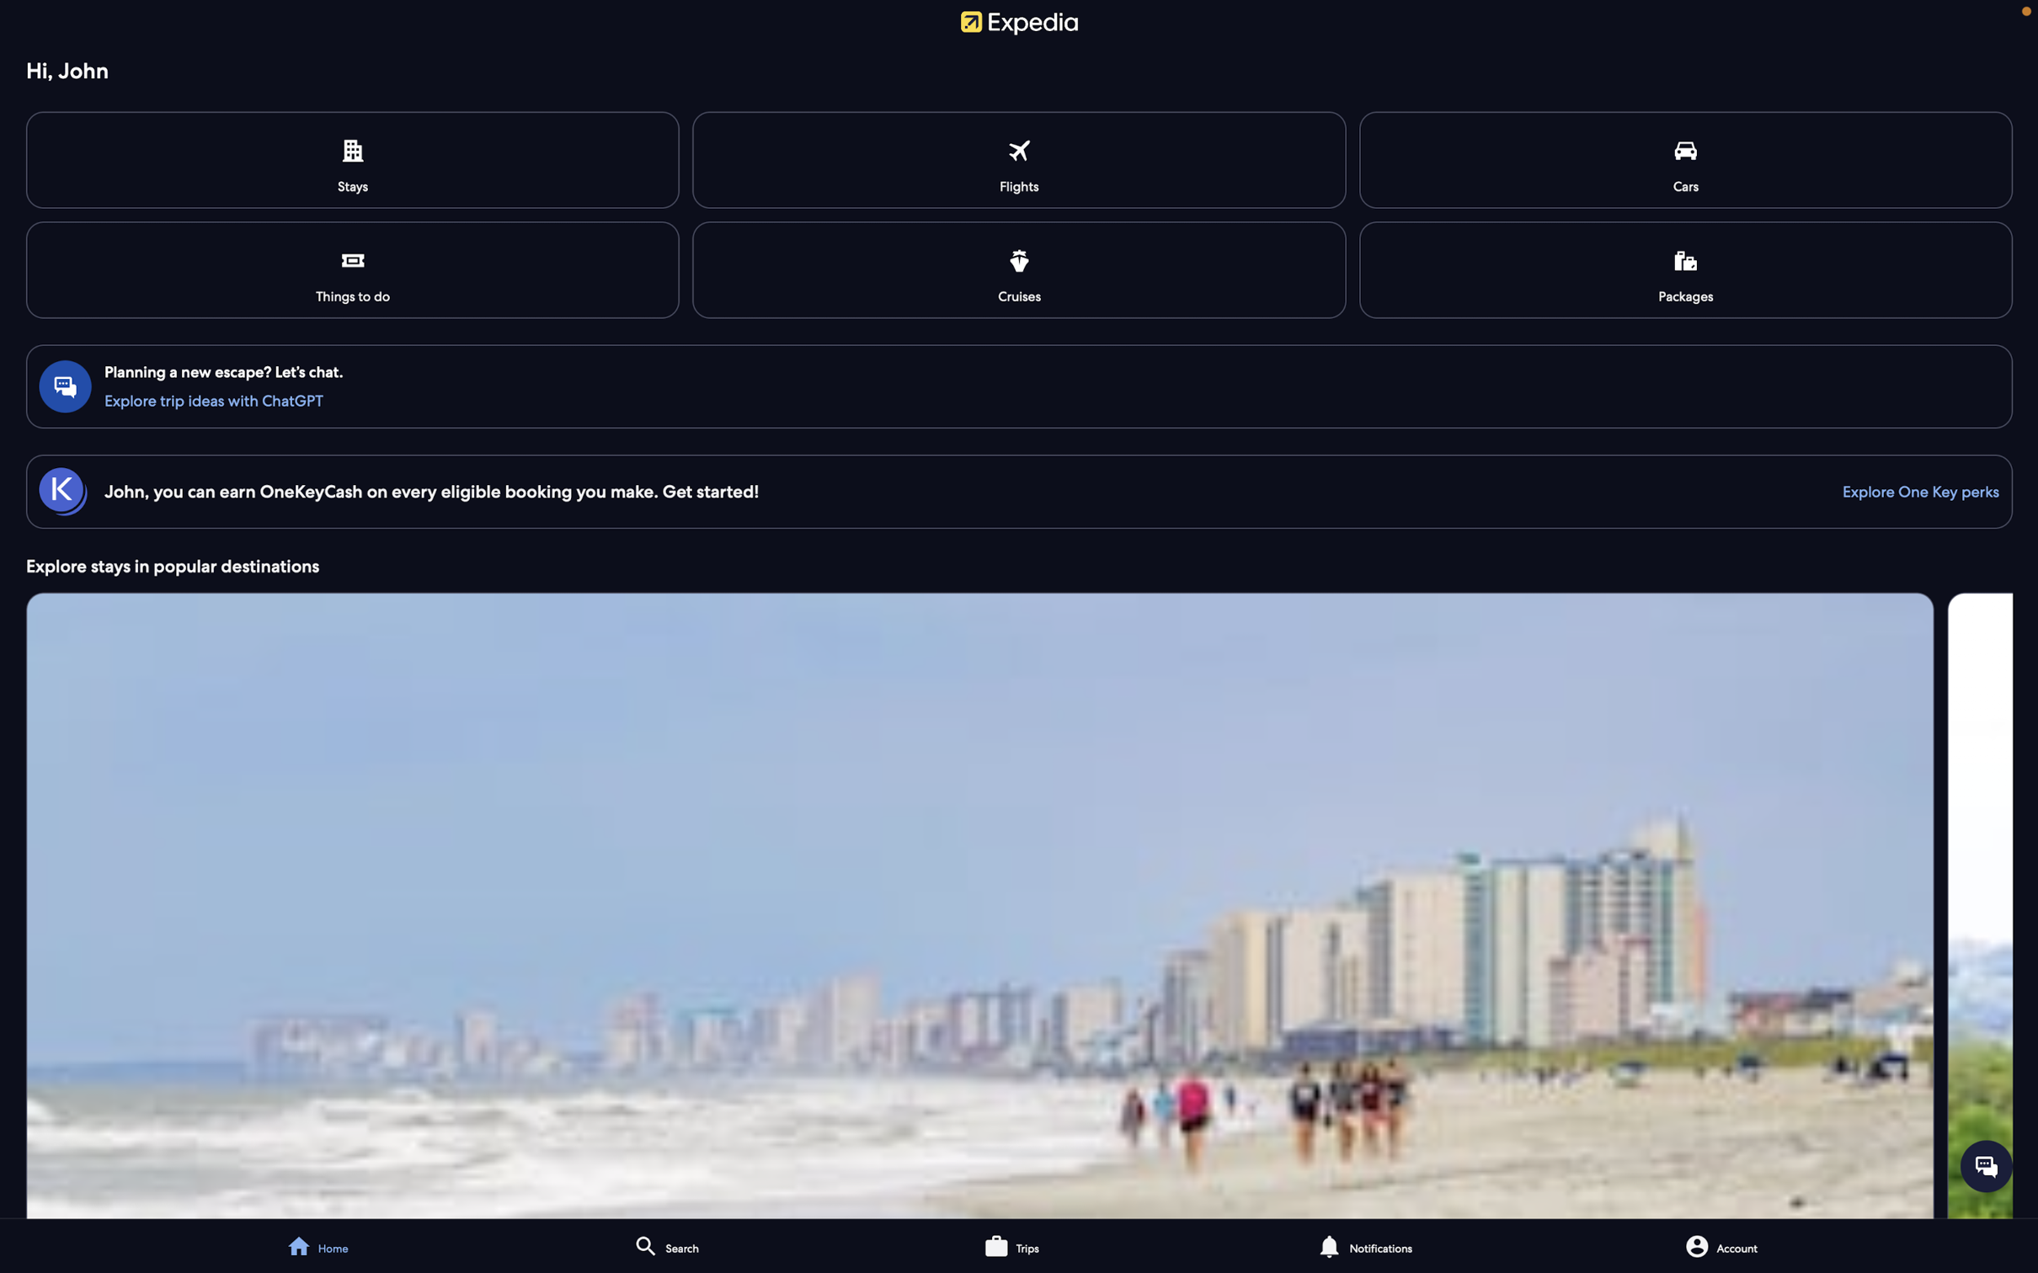 The width and height of the screenshot is (2038, 1273). What do you see at coordinates (1019, 268) in the screenshot?
I see `Explore and confirm bookings for available cruise journeys` at bounding box center [1019, 268].